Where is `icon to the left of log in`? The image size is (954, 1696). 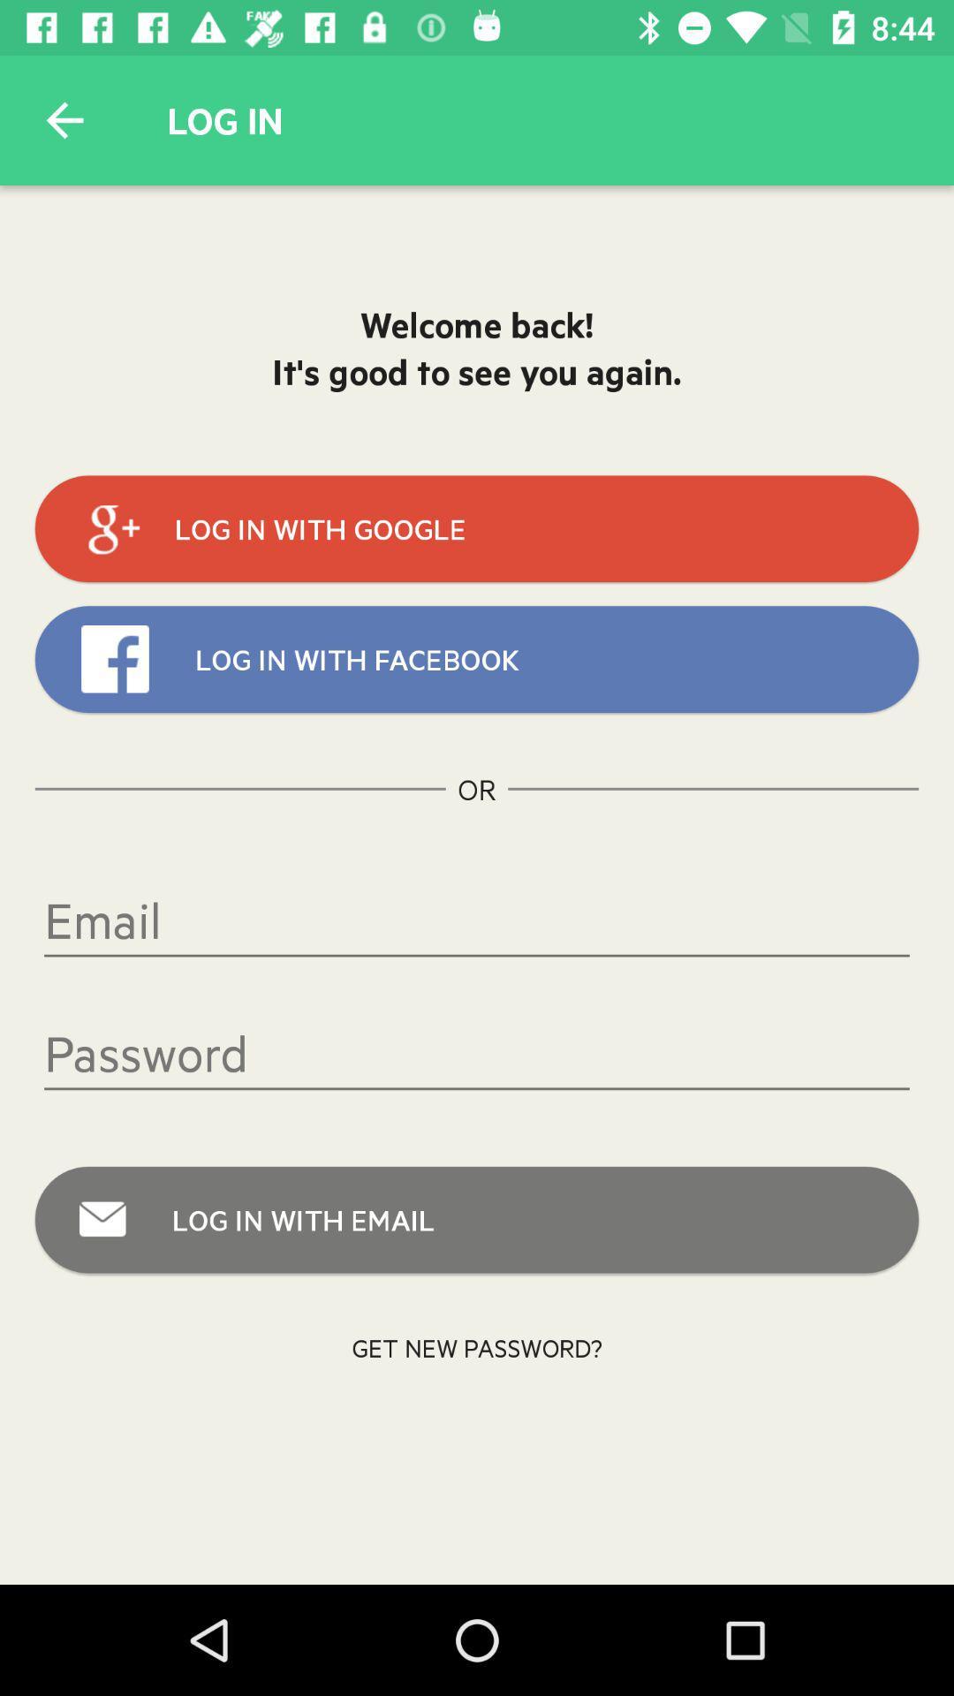 icon to the left of log in is located at coordinates (64, 119).